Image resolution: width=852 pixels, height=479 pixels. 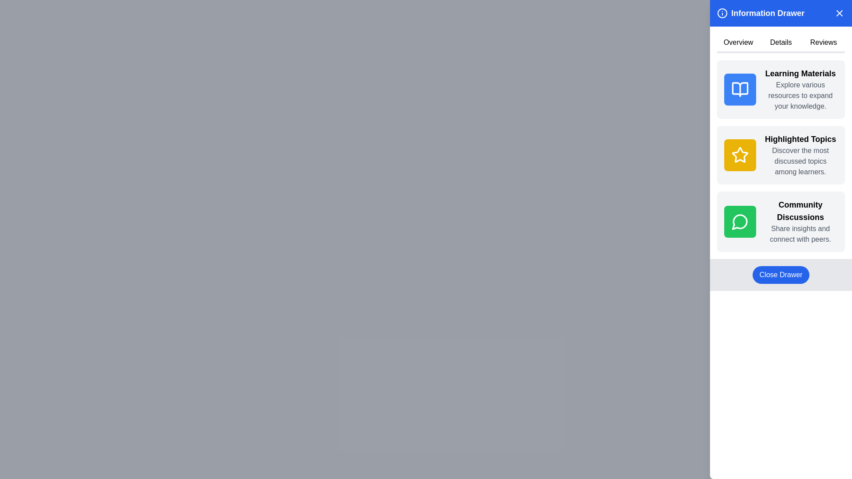 What do you see at coordinates (801, 96) in the screenshot?
I see `the descriptive text element located in the middle of the right panel under the 'Learning Materials' section, which provides additional information related to it` at bounding box center [801, 96].